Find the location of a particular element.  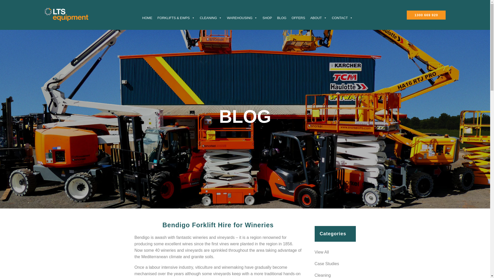

'WAREHOUSING' is located at coordinates (224, 18).